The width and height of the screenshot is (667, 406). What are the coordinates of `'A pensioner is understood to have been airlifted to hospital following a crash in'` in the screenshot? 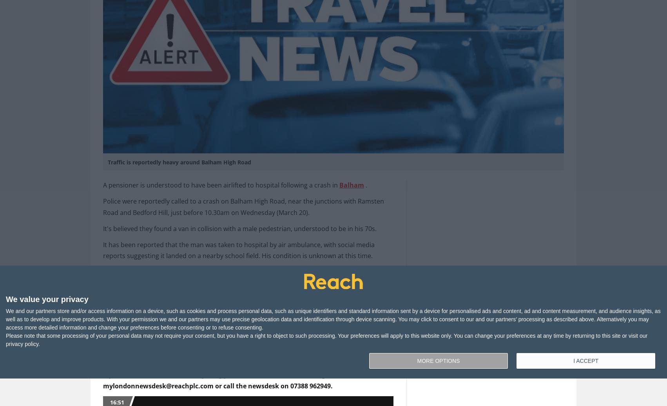 It's located at (221, 185).